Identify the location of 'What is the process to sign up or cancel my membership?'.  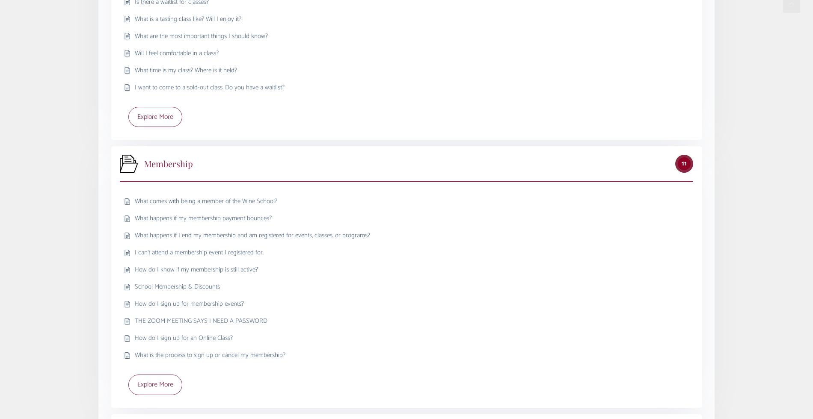
(210, 355).